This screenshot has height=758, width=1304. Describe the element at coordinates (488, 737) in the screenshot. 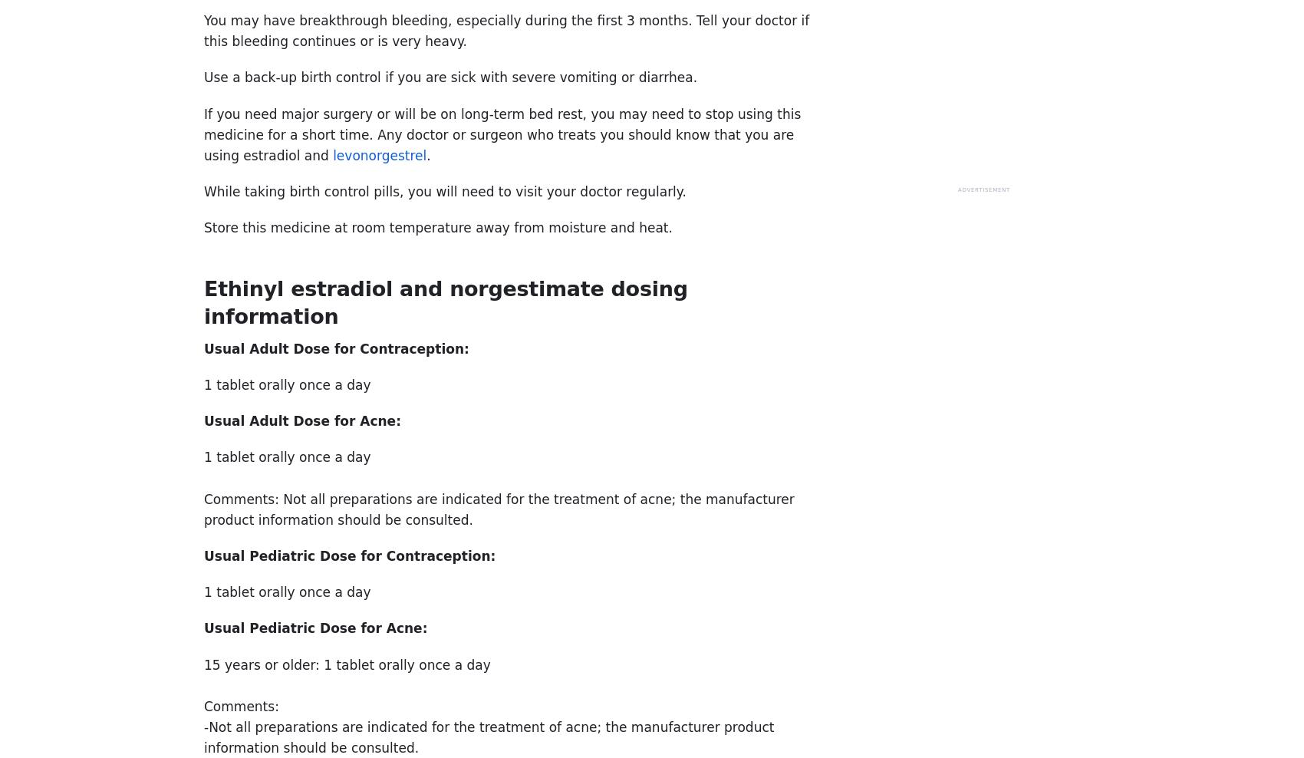

I see `'-Not all preparations are indicated for the treatment of acne; the manufacturer product information should be consulted.'` at that location.